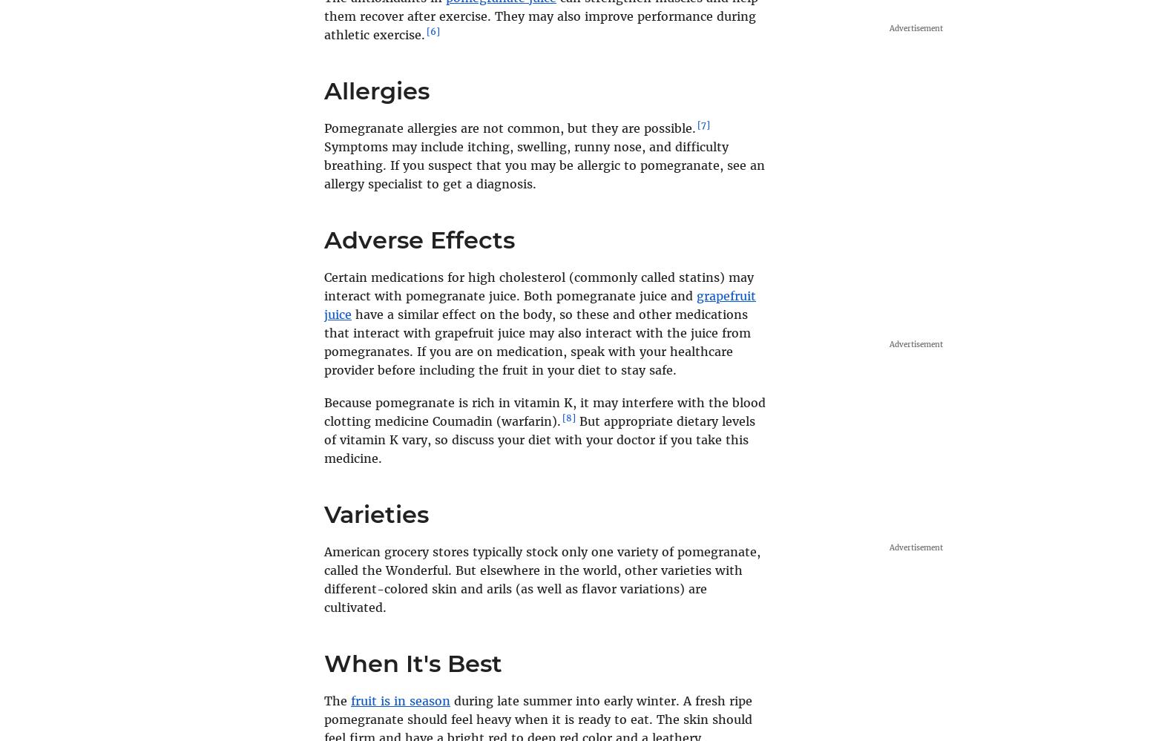 The image size is (1150, 741). Describe the element at coordinates (413, 662) in the screenshot. I see `'When It's Best'` at that location.